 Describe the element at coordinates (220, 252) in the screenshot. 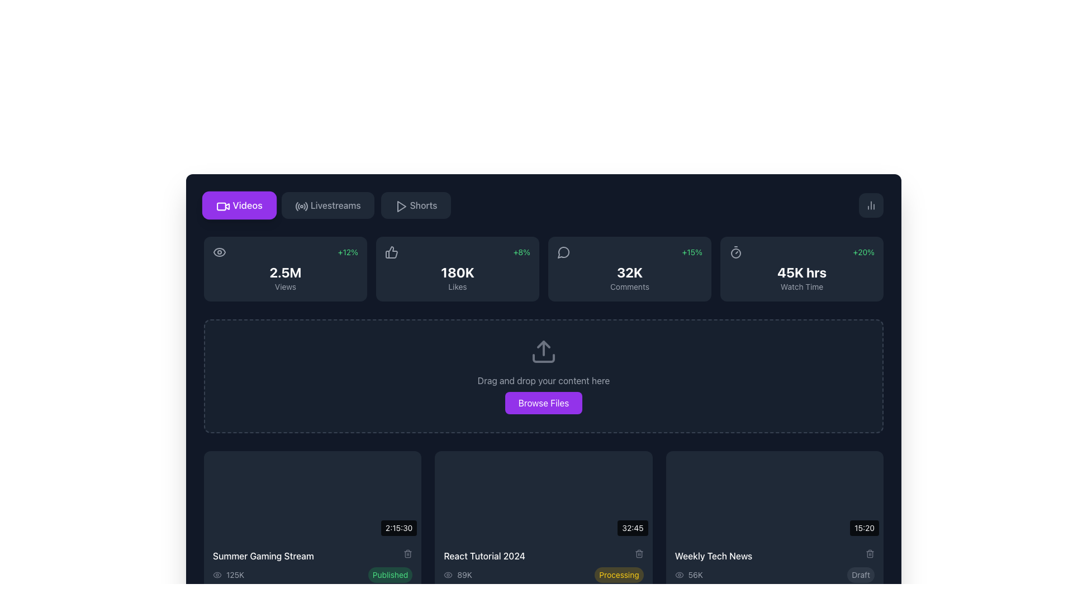

I see `the visibility metrics icon located in the upper-left area of the interface, just below the 'Videos' section, which is aligned with a text element indicating a percentage change ('+12%')` at that location.